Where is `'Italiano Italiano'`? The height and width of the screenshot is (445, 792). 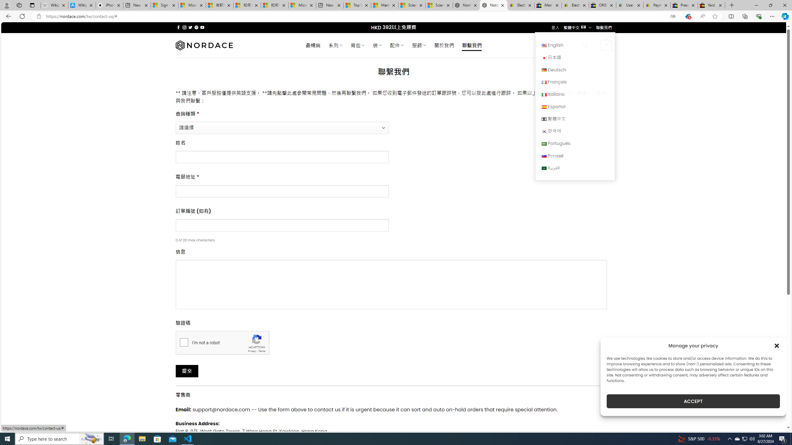 'Italiano Italiano' is located at coordinates (575, 94).